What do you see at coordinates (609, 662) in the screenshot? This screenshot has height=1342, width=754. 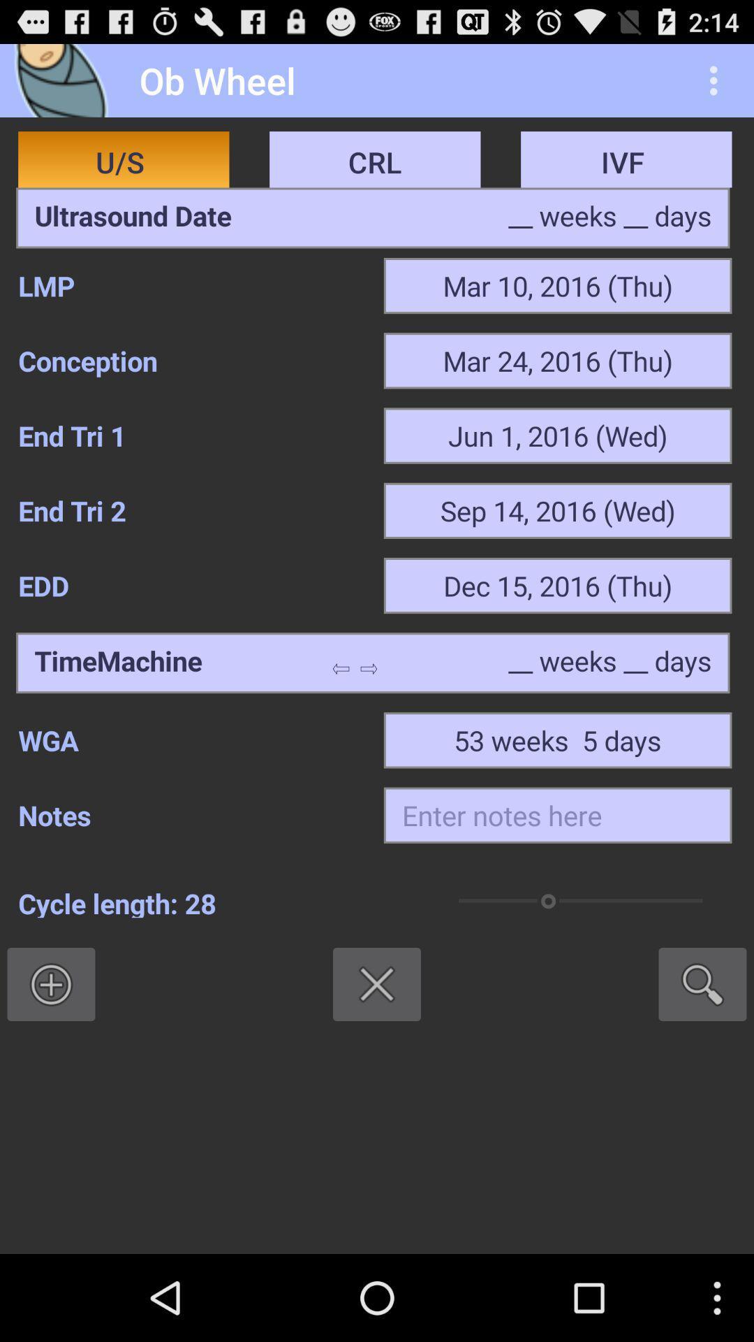 I see `the weeks and days` at bounding box center [609, 662].